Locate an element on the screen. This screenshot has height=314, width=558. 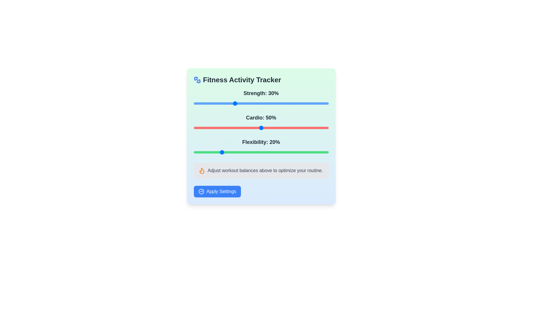
the strength value is located at coordinates (303, 103).